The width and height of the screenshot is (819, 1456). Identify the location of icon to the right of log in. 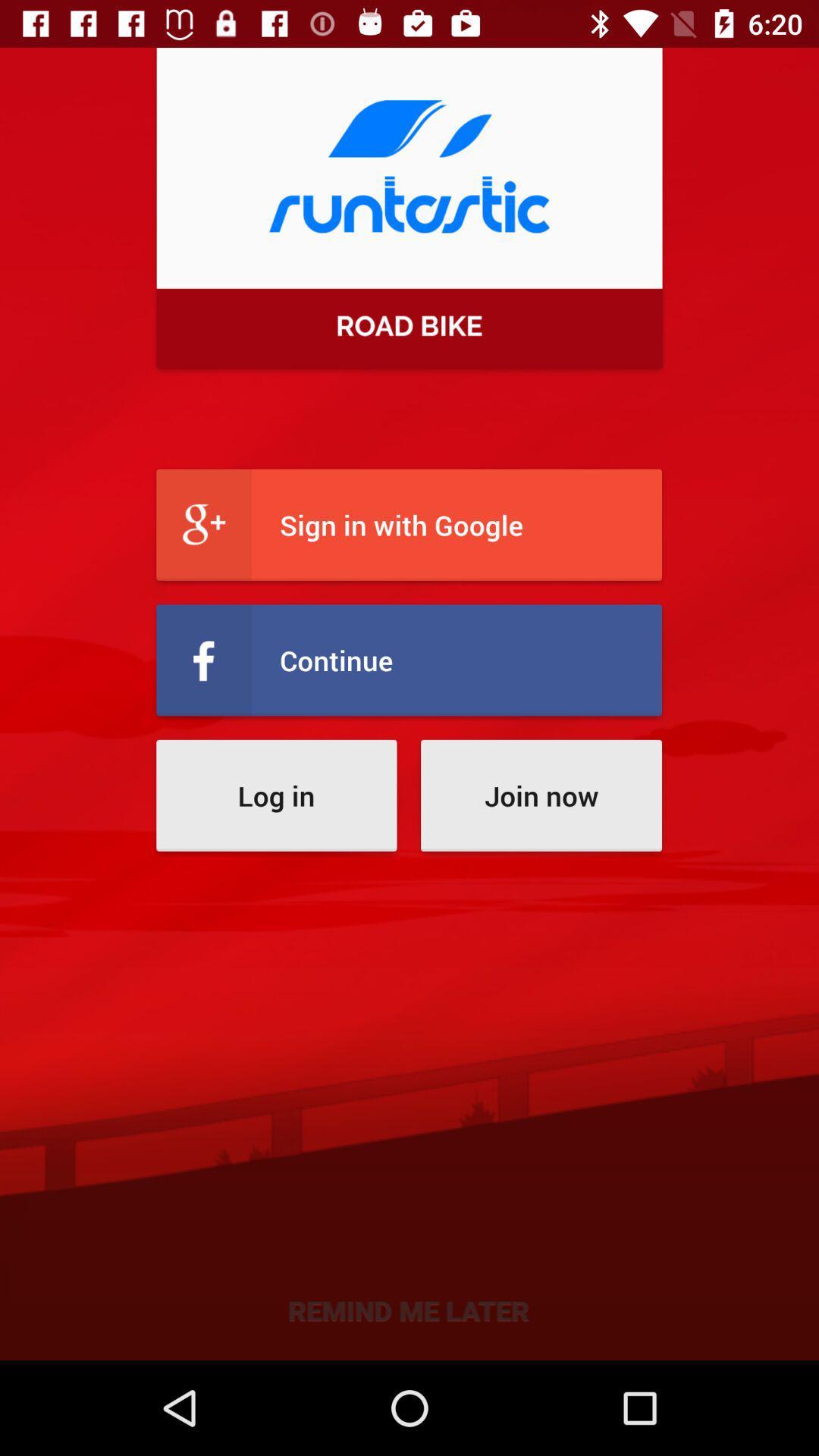
(540, 795).